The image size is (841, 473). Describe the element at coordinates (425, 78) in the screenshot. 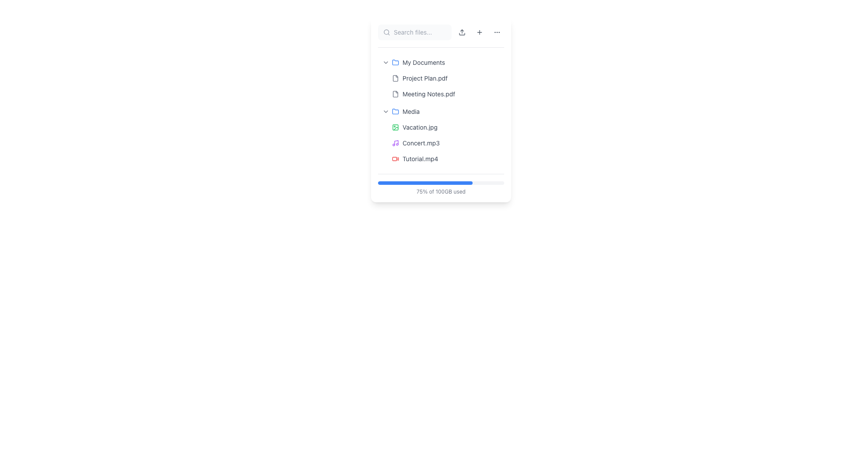

I see `the text label 'Project Plan.pdf'` at that location.